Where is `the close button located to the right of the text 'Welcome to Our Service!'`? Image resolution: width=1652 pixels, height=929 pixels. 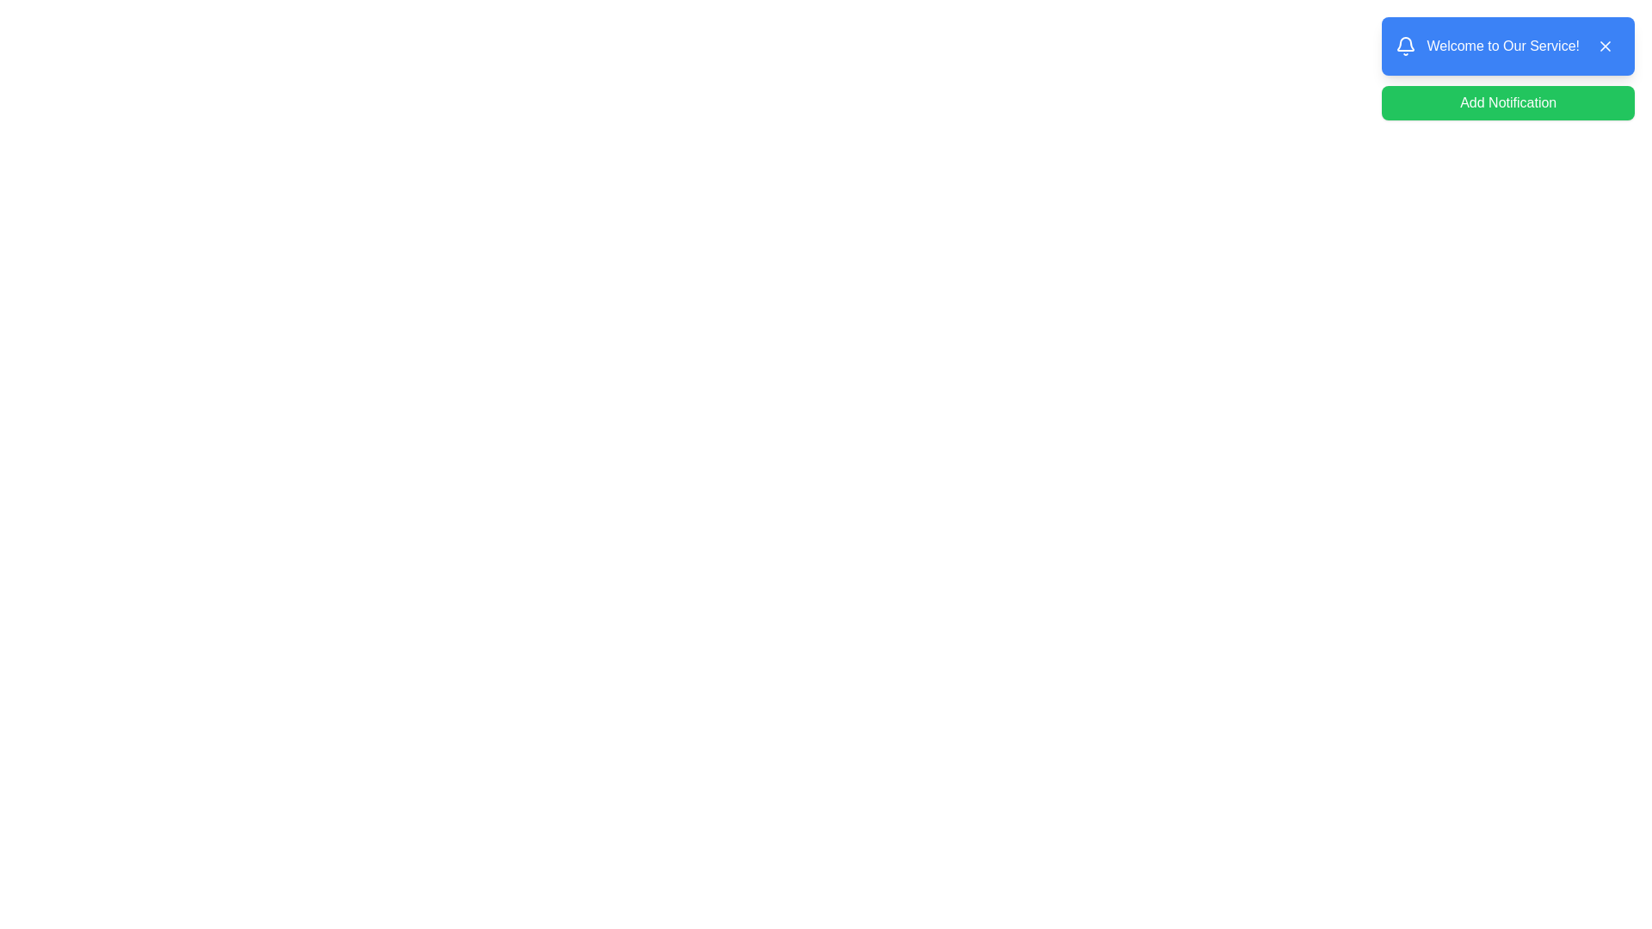
the close button located to the right of the text 'Welcome to Our Service!' is located at coordinates (1605, 46).